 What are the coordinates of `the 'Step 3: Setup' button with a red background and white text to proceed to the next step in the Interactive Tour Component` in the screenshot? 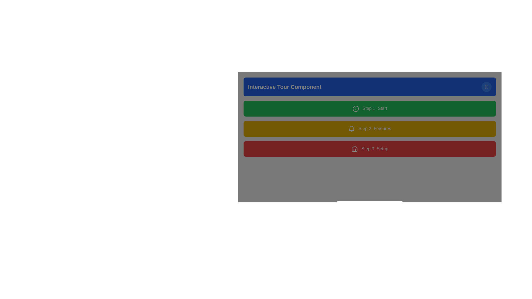 It's located at (370, 148).